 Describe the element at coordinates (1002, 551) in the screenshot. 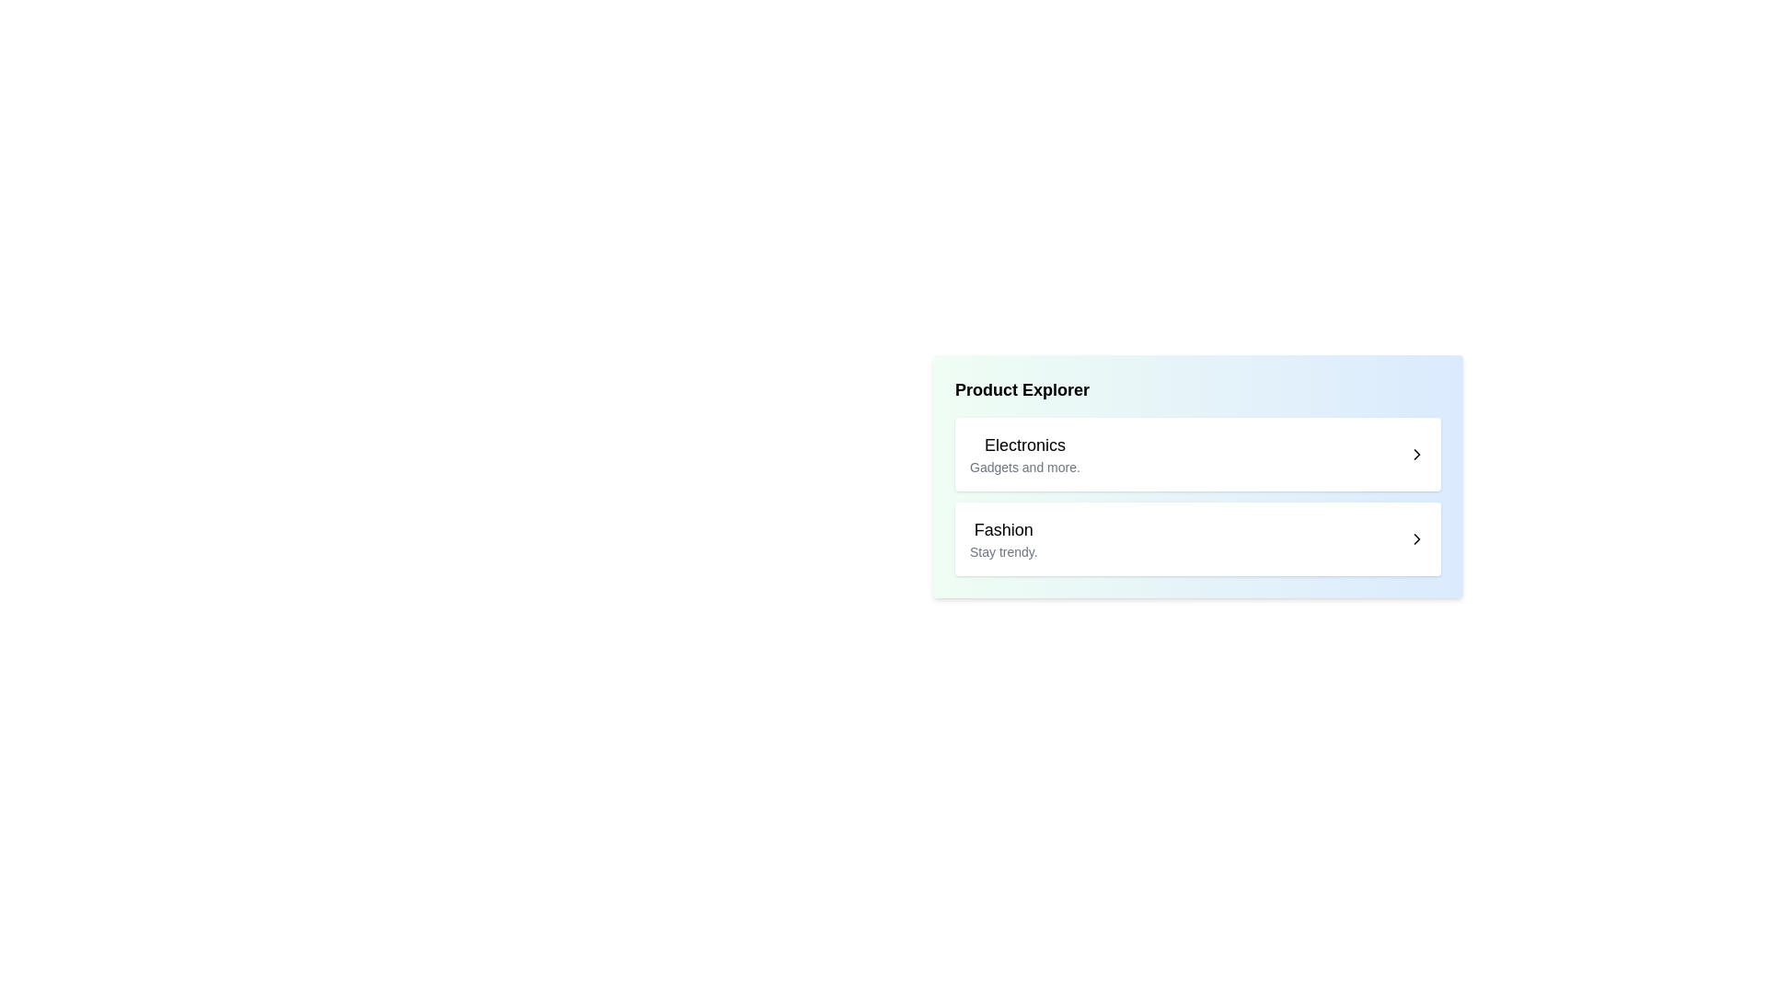

I see `to select the descriptive text label positioned below the 'Fashion' header, which provides additional context or an enticing phrase` at that location.